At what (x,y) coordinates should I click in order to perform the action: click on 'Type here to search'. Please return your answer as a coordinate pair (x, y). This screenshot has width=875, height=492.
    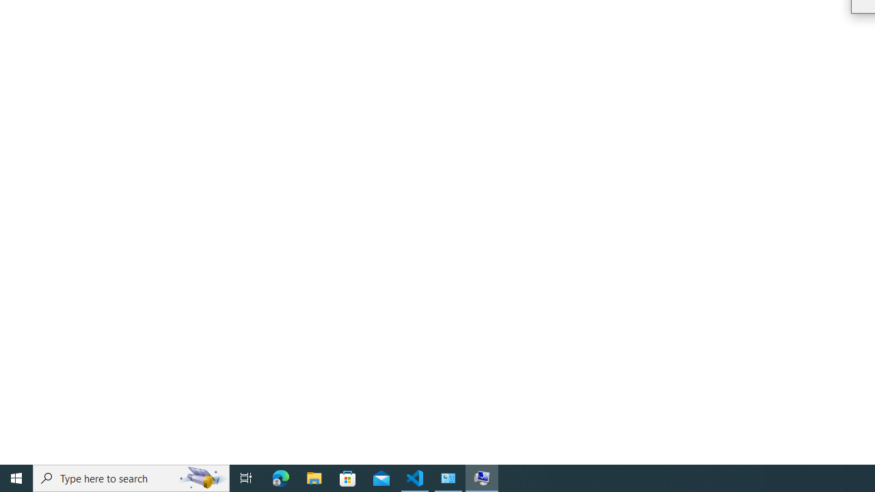
    Looking at the image, I should click on (131, 477).